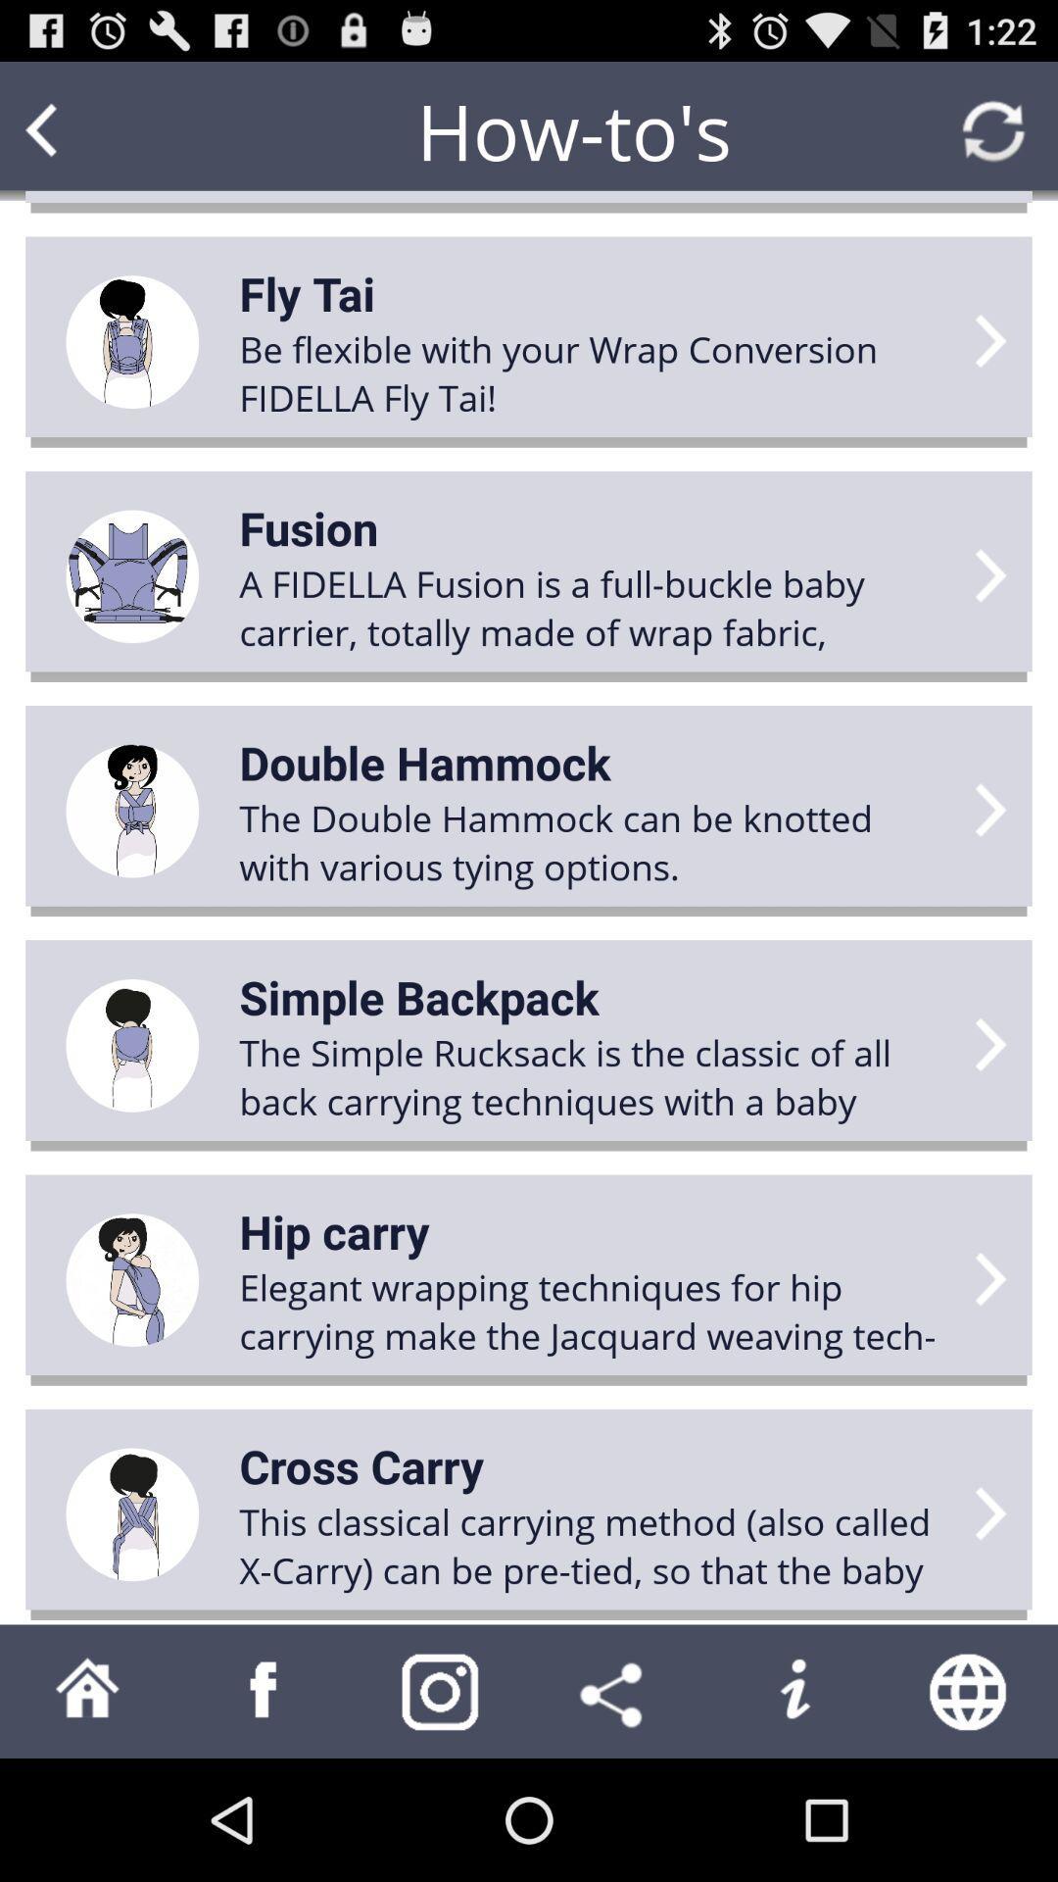 The width and height of the screenshot is (1058, 1882). Describe the element at coordinates (361, 1465) in the screenshot. I see `the cross carry icon` at that location.